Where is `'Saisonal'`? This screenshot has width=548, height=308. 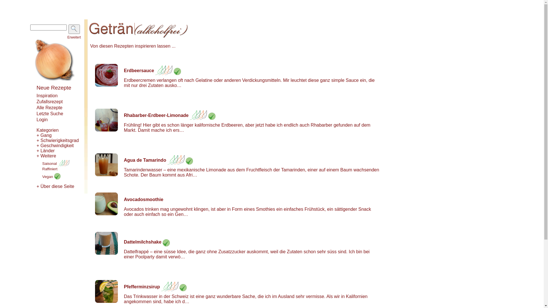
'Saisonal' is located at coordinates (56, 163).